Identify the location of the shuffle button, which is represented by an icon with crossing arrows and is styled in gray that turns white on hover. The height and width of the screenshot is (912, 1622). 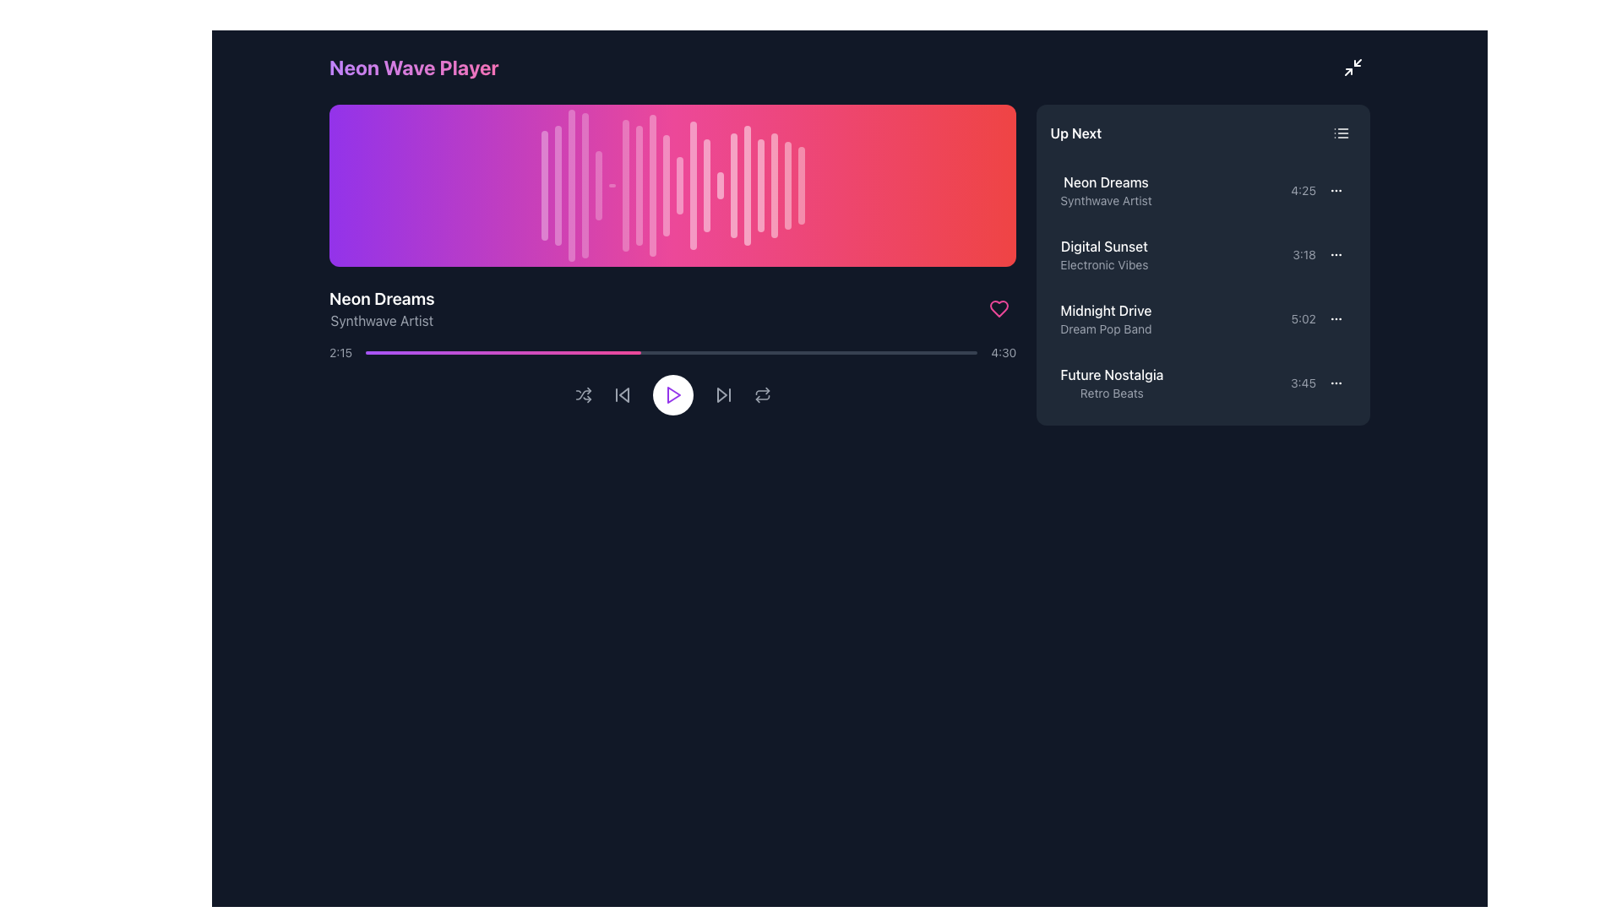
(583, 394).